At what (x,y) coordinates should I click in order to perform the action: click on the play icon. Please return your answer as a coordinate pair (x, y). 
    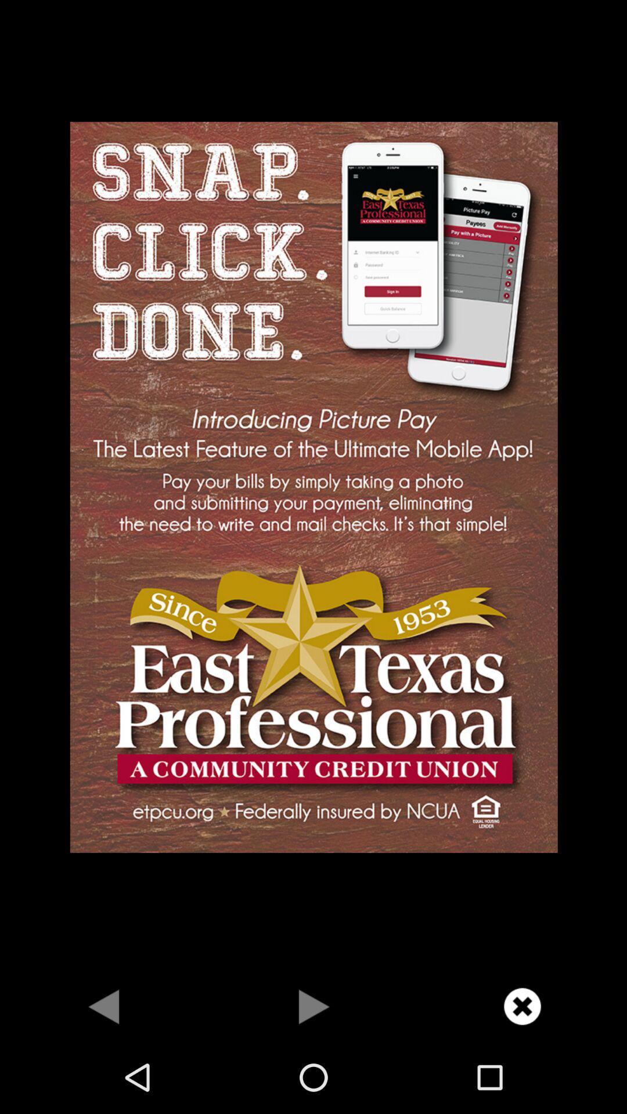
    Looking at the image, I should click on (313, 1076).